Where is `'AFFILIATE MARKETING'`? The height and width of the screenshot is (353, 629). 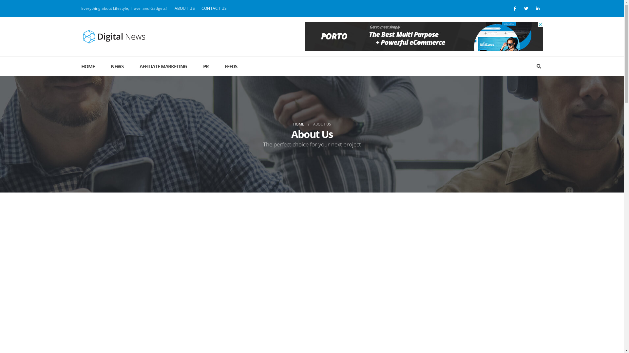
'AFFILIATE MARKETING' is located at coordinates (163, 66).